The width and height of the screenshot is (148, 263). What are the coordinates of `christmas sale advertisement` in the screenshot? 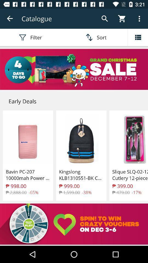 It's located at (74, 69).